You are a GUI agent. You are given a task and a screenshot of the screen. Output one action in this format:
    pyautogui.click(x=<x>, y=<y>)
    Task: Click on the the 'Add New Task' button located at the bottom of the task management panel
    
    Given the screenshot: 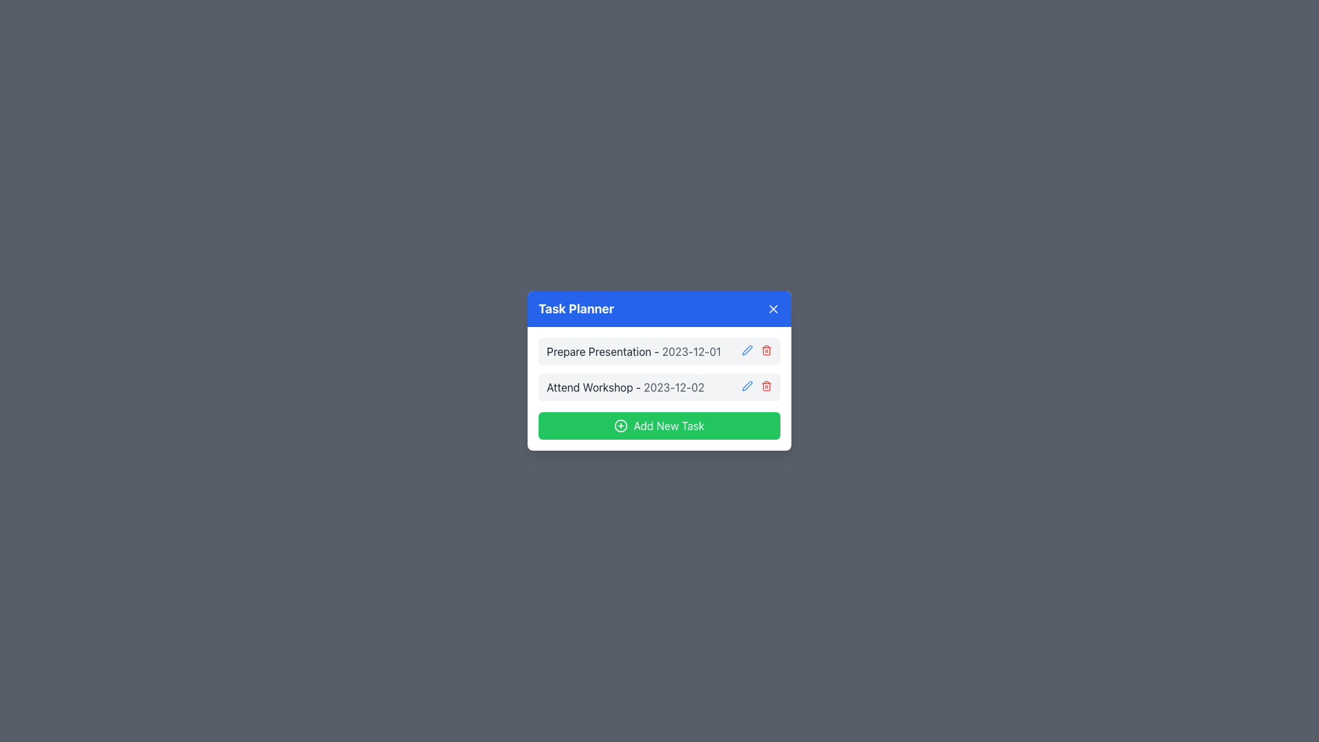 What is the action you would take?
    pyautogui.click(x=659, y=425)
    